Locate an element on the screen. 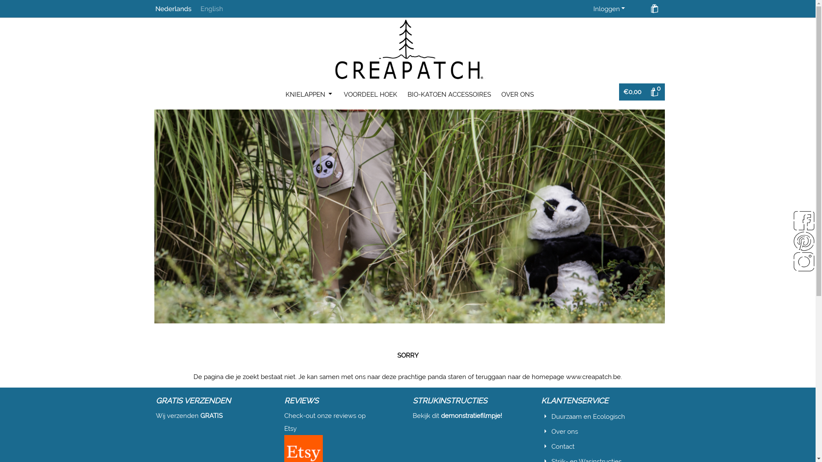  'Duurzaam en Ecologisch' is located at coordinates (587, 416).